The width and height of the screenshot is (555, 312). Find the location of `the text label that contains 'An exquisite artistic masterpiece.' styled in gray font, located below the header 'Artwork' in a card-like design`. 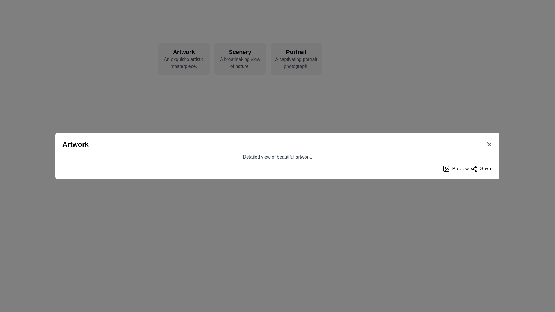

the text label that contains 'An exquisite artistic masterpiece.' styled in gray font, located below the header 'Artwork' in a card-like design is located at coordinates (184, 63).